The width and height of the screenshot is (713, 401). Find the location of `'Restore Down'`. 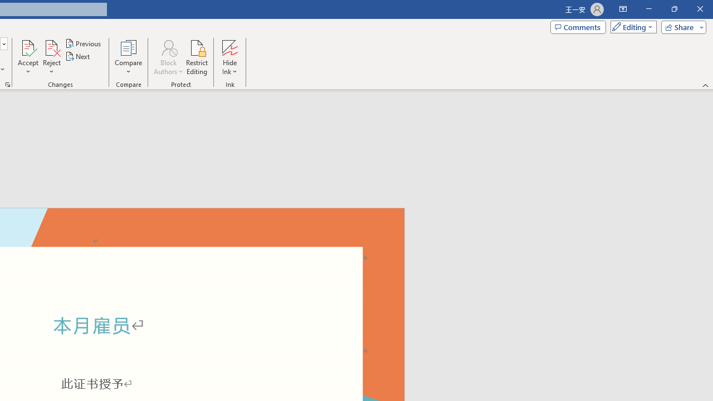

'Restore Down' is located at coordinates (673, 9).